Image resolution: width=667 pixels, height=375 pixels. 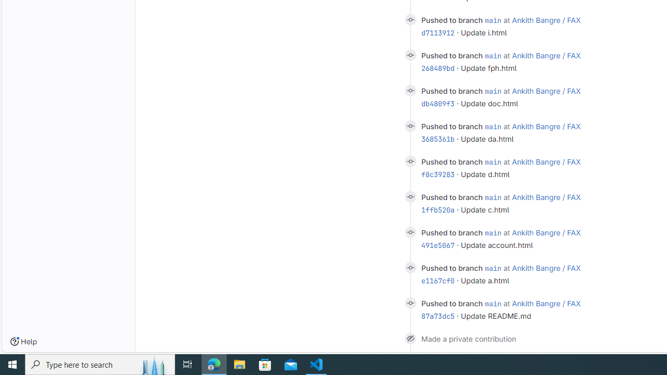 What do you see at coordinates (438, 280) in the screenshot?
I see `'e1167cf0'` at bounding box center [438, 280].